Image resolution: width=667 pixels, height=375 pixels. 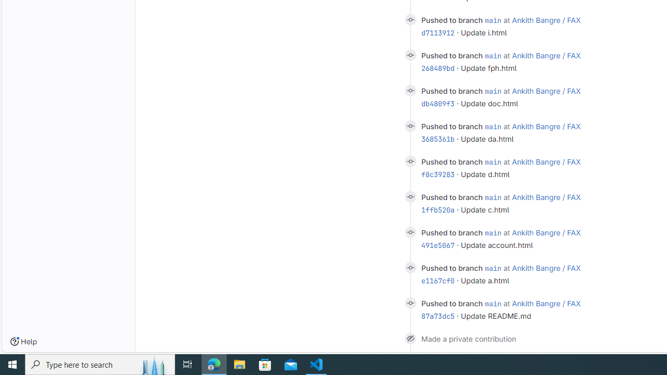 What do you see at coordinates (438, 280) in the screenshot?
I see `'e1167cf0'` at bounding box center [438, 280].